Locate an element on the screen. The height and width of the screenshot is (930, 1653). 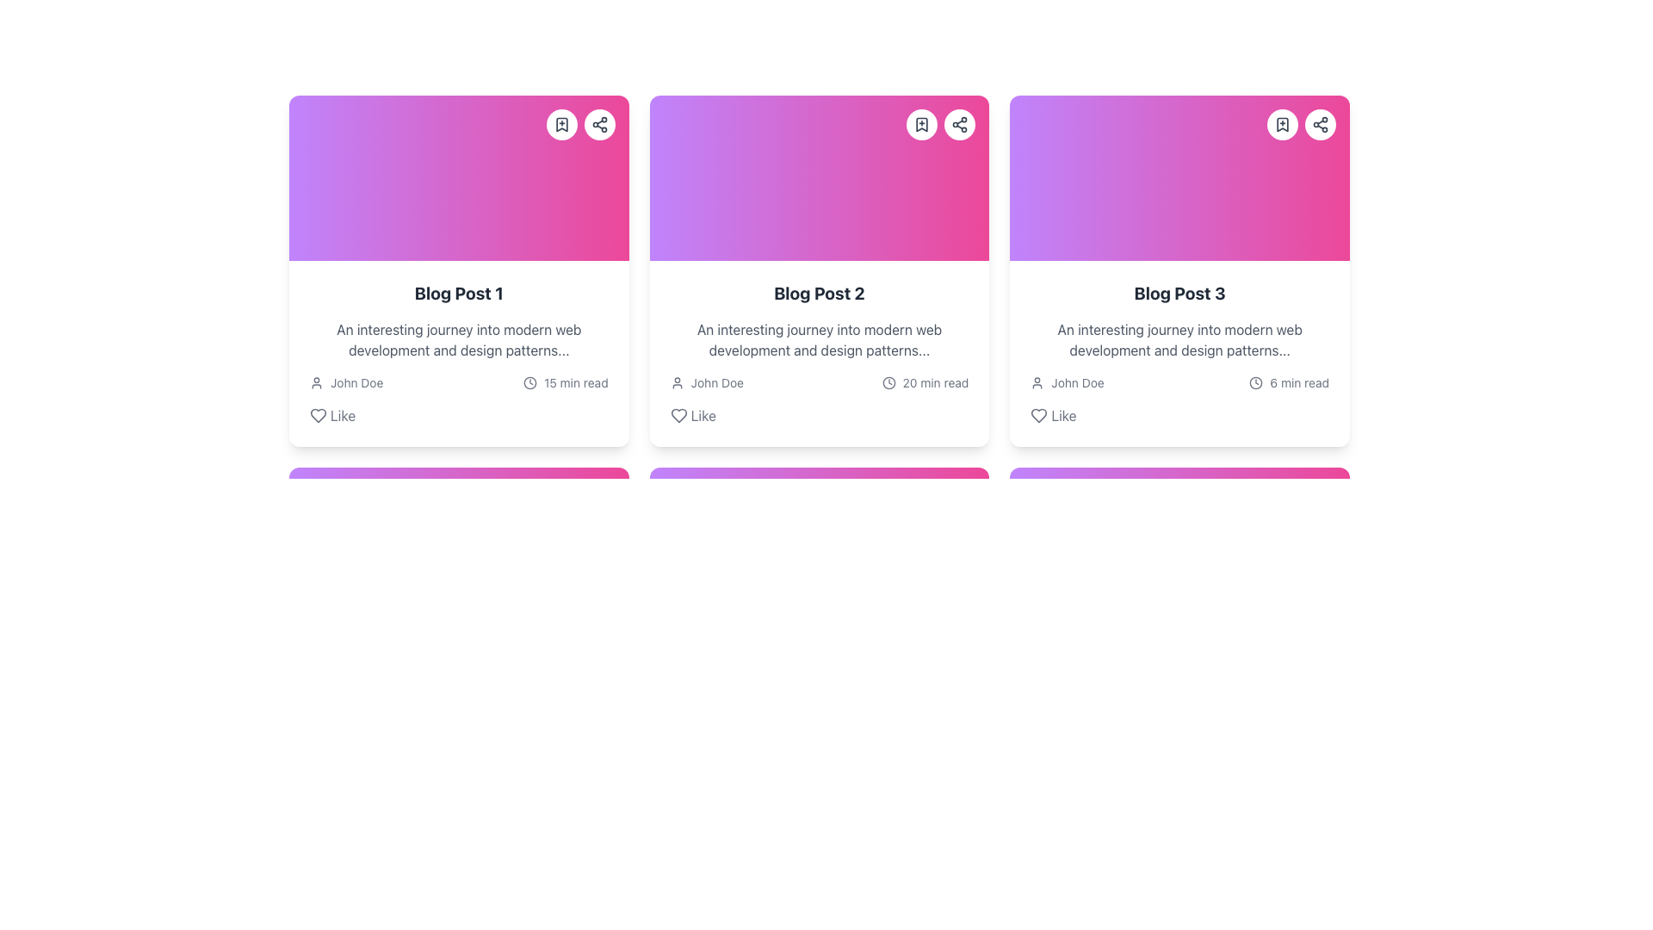
text block styled with a gray font color that reads: 'An interesting journey into modern web development and design patterns...' located within the card titled 'Blog Post 1' is located at coordinates (459, 339).